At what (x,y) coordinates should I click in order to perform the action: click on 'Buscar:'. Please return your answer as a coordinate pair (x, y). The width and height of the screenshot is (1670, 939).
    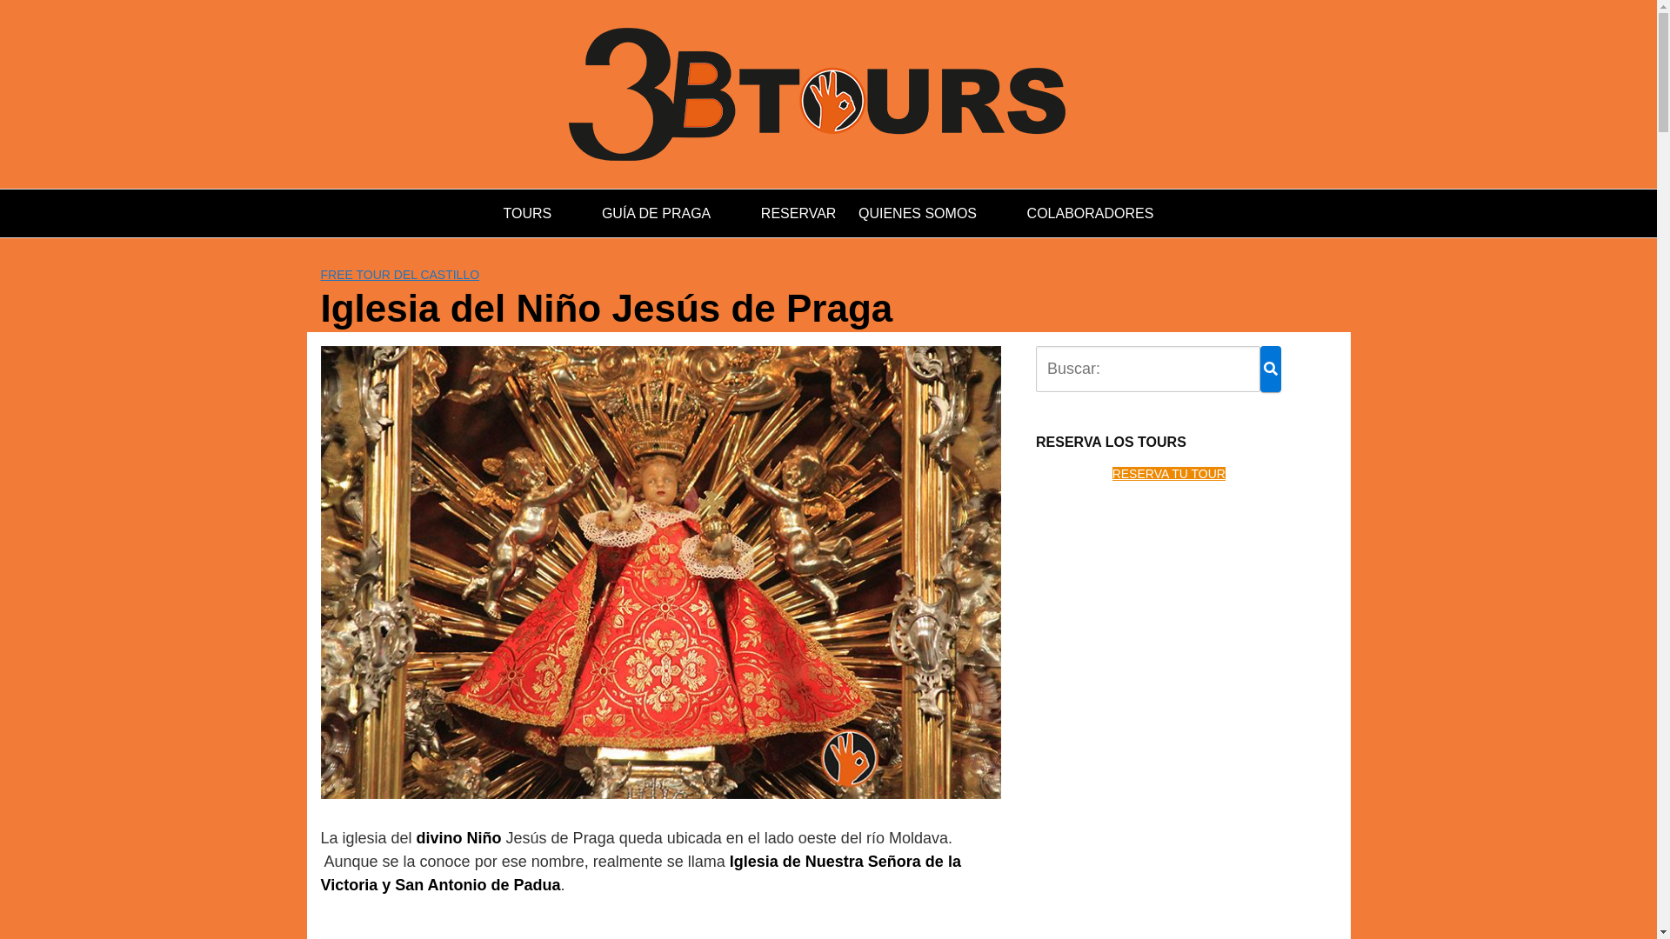
    Looking at the image, I should click on (1035, 368).